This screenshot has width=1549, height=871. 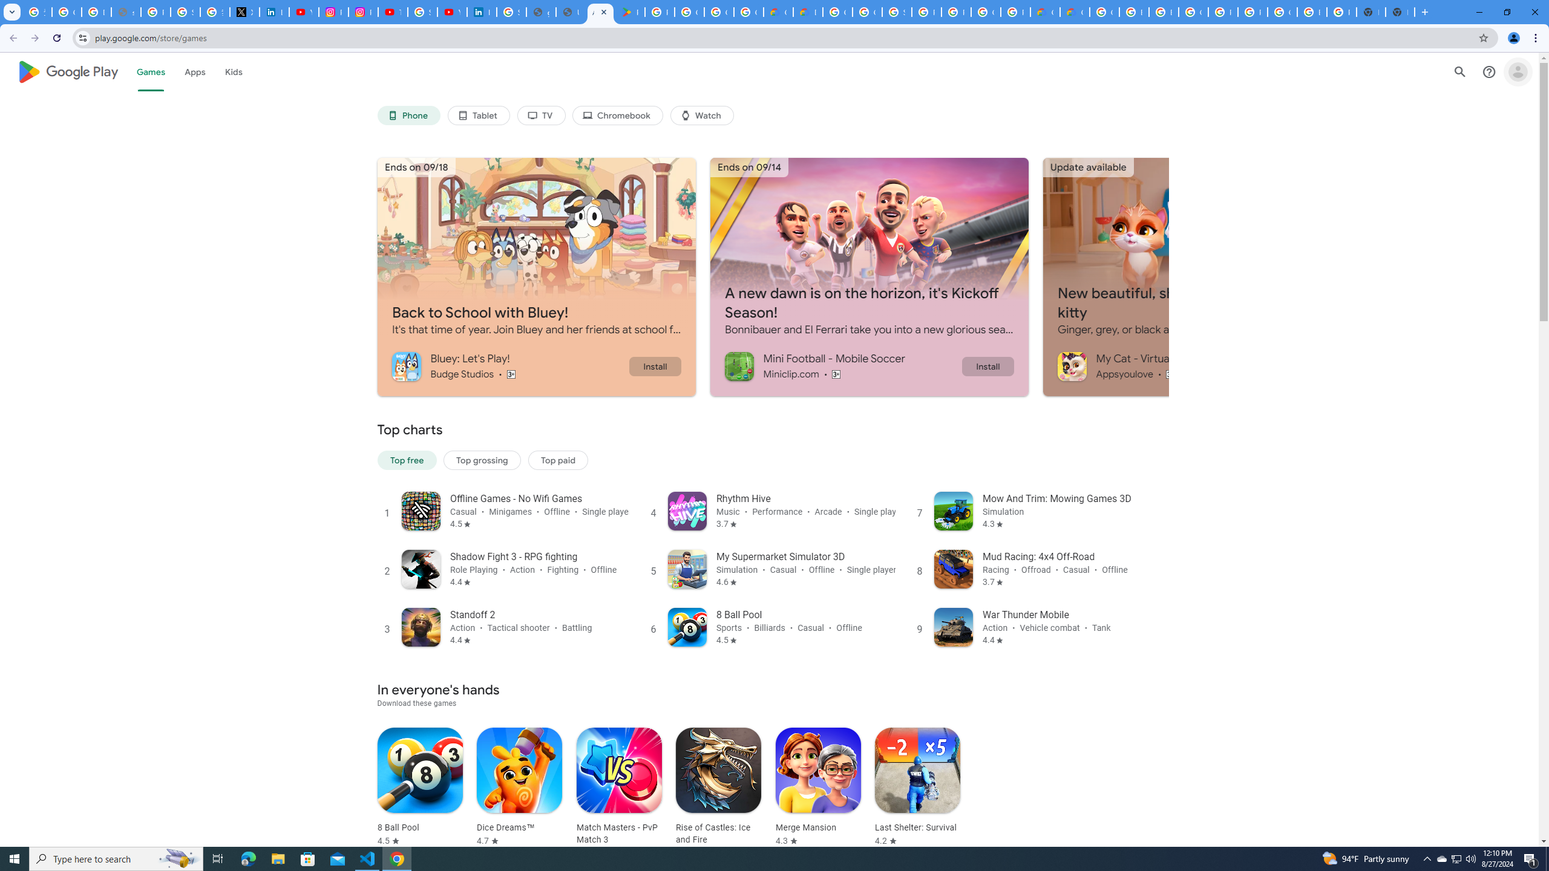 I want to click on 'Browse Chrome as a guest - Computer - Google Chrome Help', so click(x=1133, y=11).